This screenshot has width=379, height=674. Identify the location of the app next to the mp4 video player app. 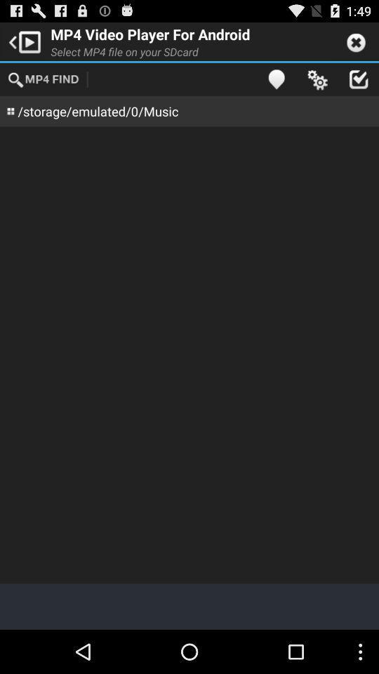
(22, 40).